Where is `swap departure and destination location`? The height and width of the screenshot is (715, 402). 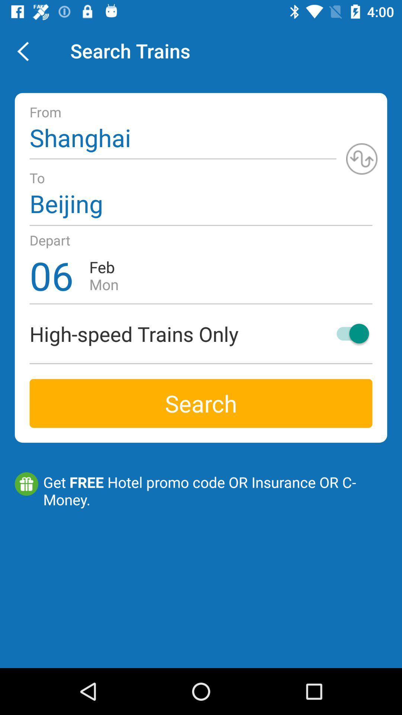 swap departure and destination location is located at coordinates (361, 158).